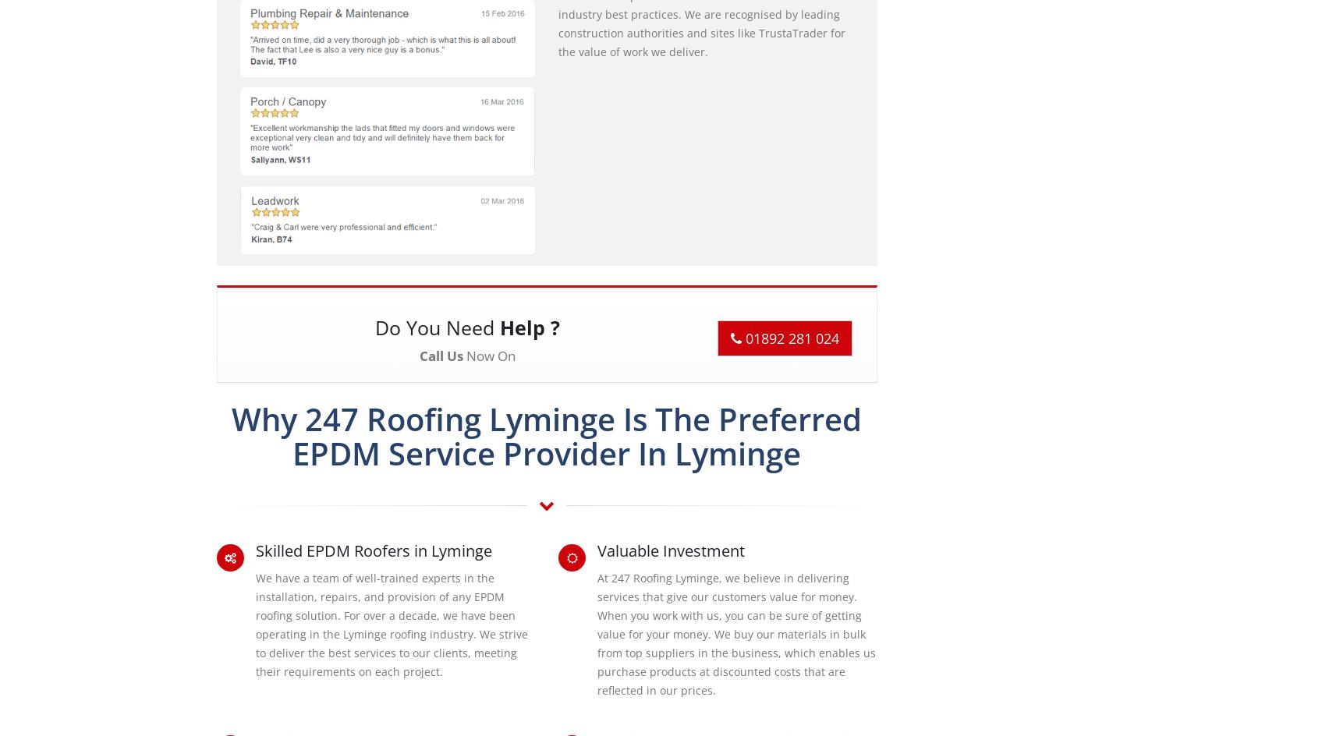 The height and width of the screenshot is (736, 1322). Describe the element at coordinates (596, 632) in the screenshot. I see `'At 247 Roofing Lyminge, we believe in delivering services that give our customers value for money. When you work with us, you can be sure of getting value for your money. We buy our materials in bulk from top suppliers in the business, which enables us purchase products at discounted costs that are reflected in our prices.'` at that location.